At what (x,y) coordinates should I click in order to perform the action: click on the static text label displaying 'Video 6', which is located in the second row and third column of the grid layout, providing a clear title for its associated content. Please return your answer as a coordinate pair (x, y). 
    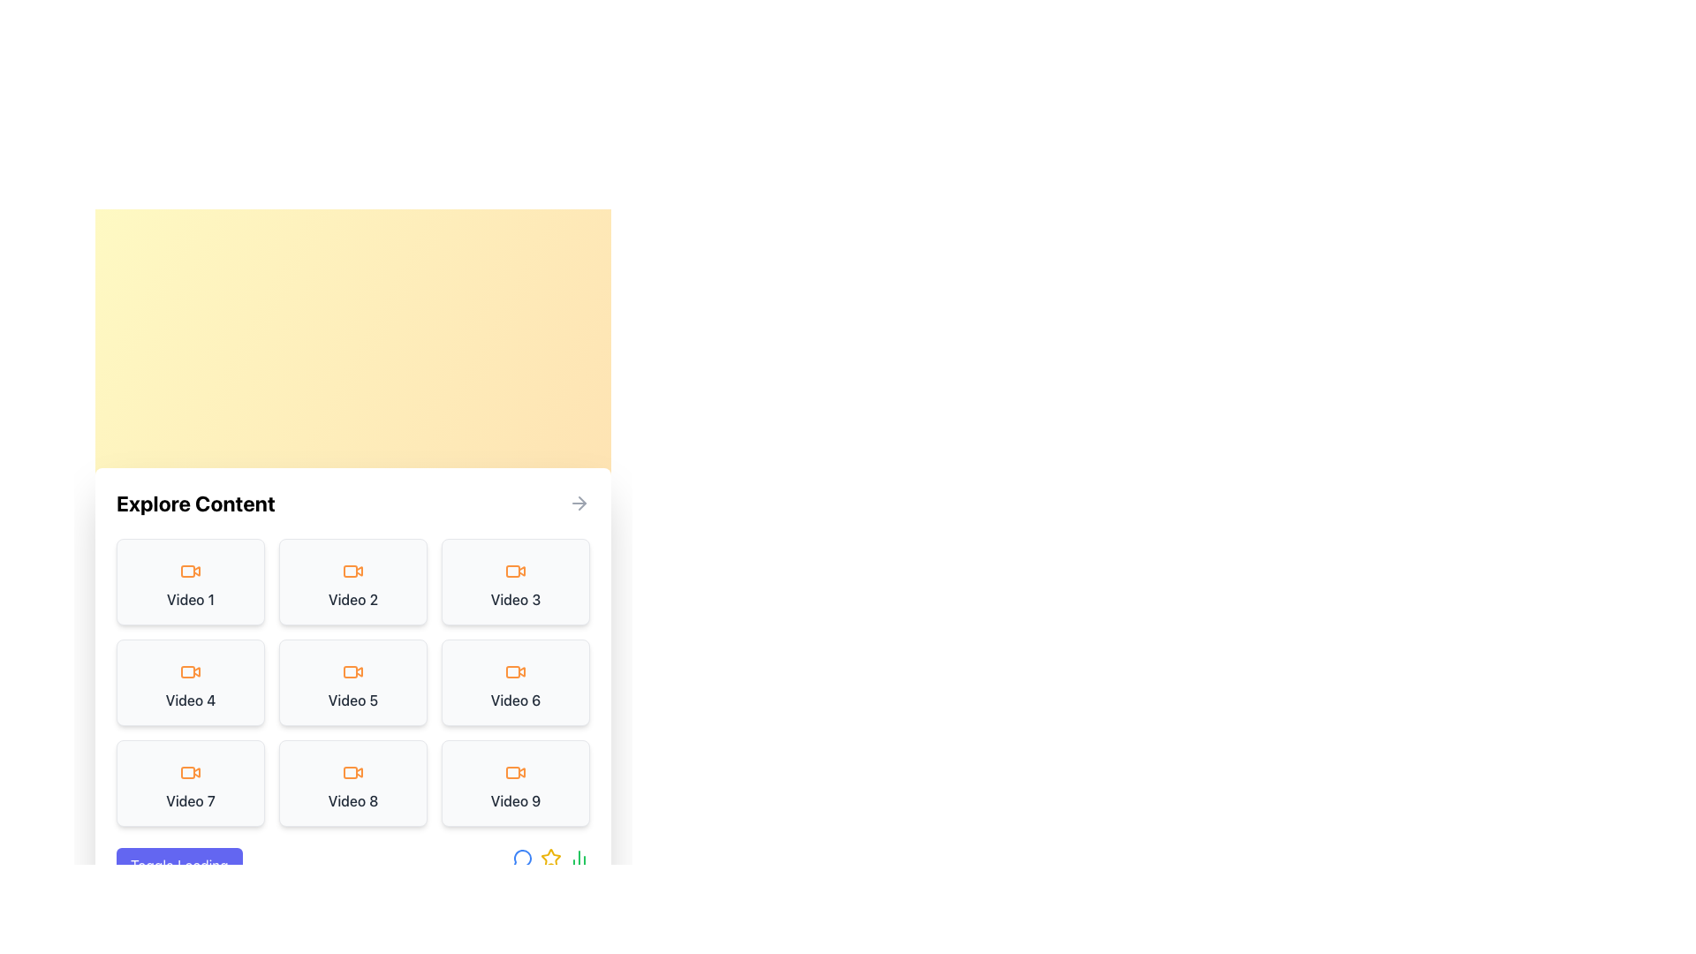
    Looking at the image, I should click on (515, 700).